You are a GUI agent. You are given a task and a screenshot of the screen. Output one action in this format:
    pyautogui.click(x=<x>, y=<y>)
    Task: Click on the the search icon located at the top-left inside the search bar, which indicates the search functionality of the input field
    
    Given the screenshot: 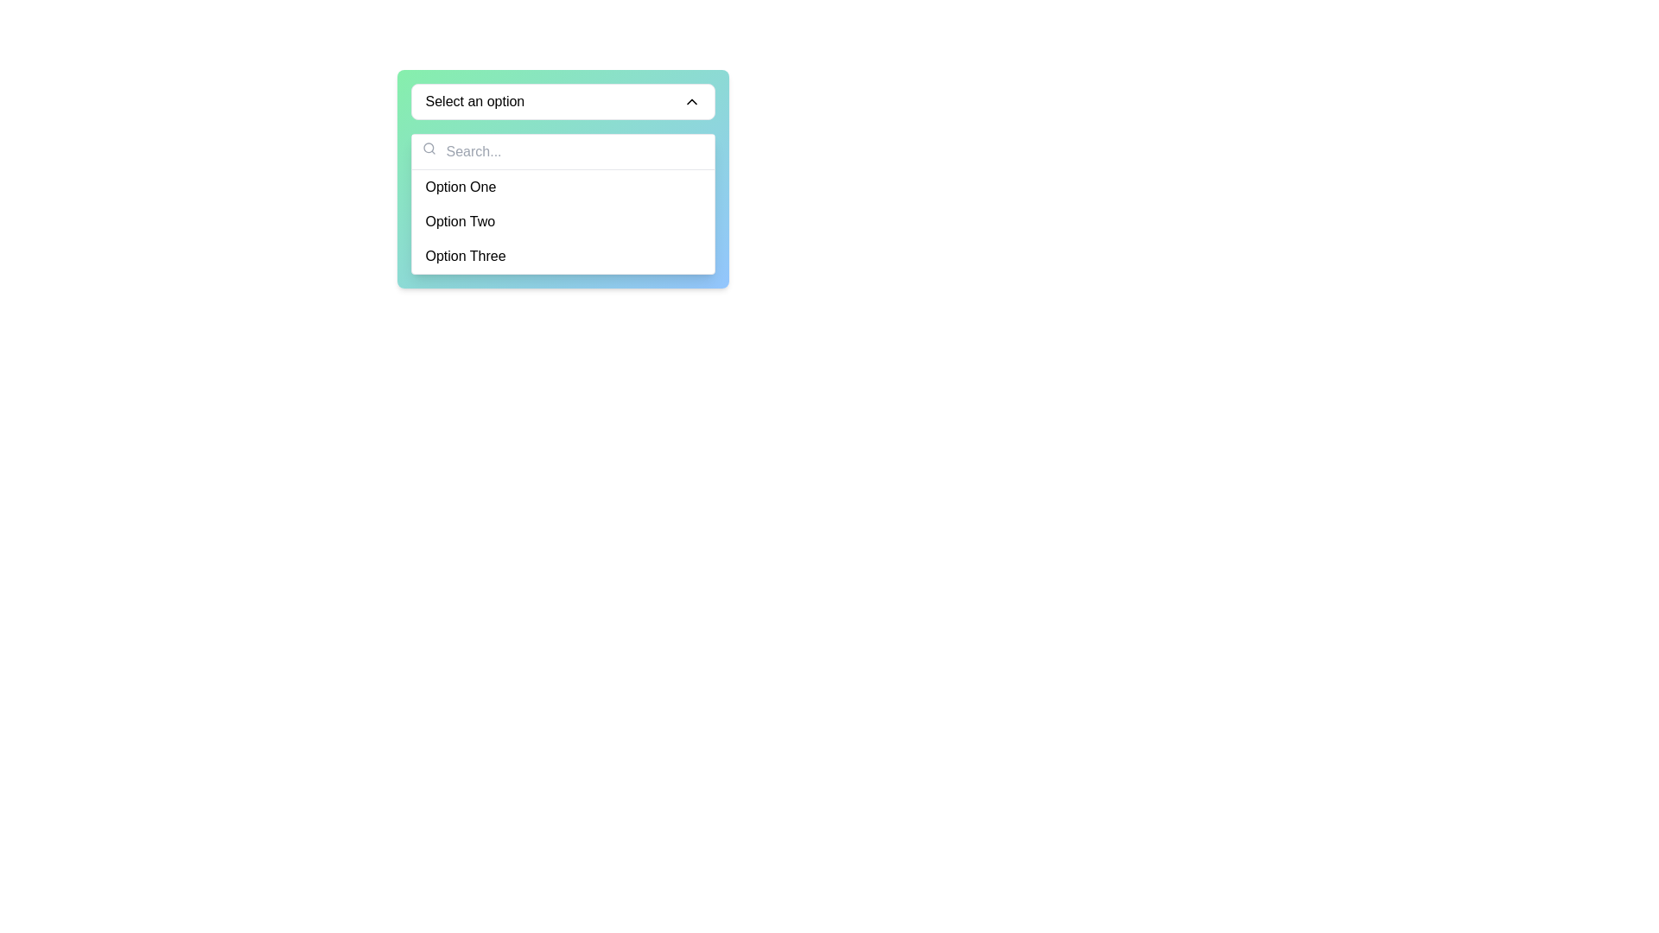 What is the action you would take?
    pyautogui.click(x=429, y=148)
    